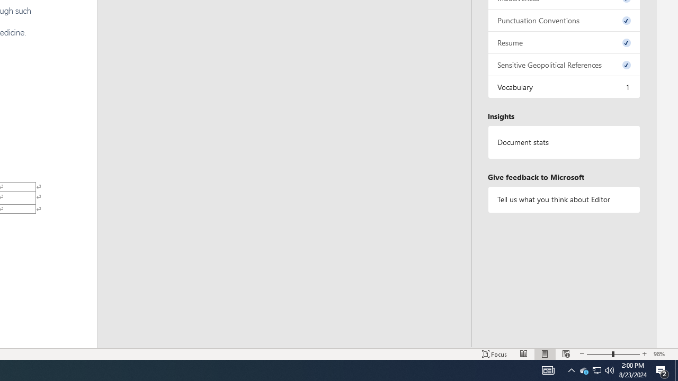  Describe the element at coordinates (563, 142) in the screenshot. I see `'Document statistics'` at that location.